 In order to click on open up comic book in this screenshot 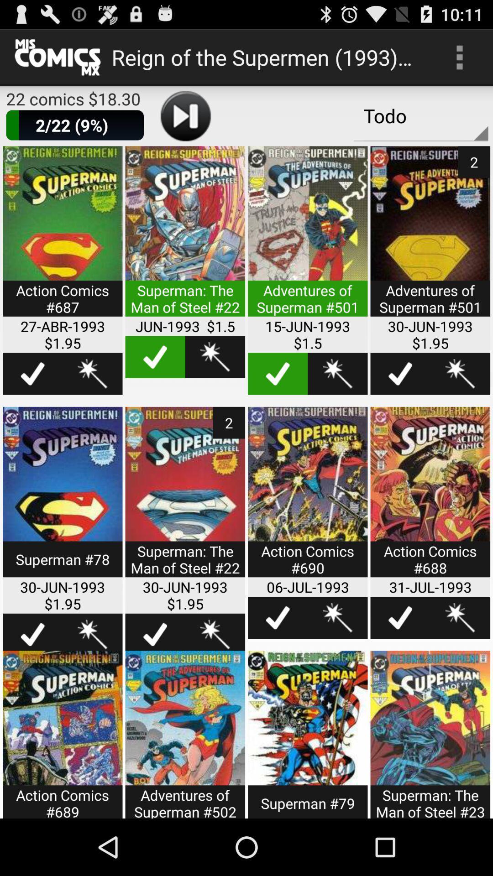, I will do `click(430, 497)`.